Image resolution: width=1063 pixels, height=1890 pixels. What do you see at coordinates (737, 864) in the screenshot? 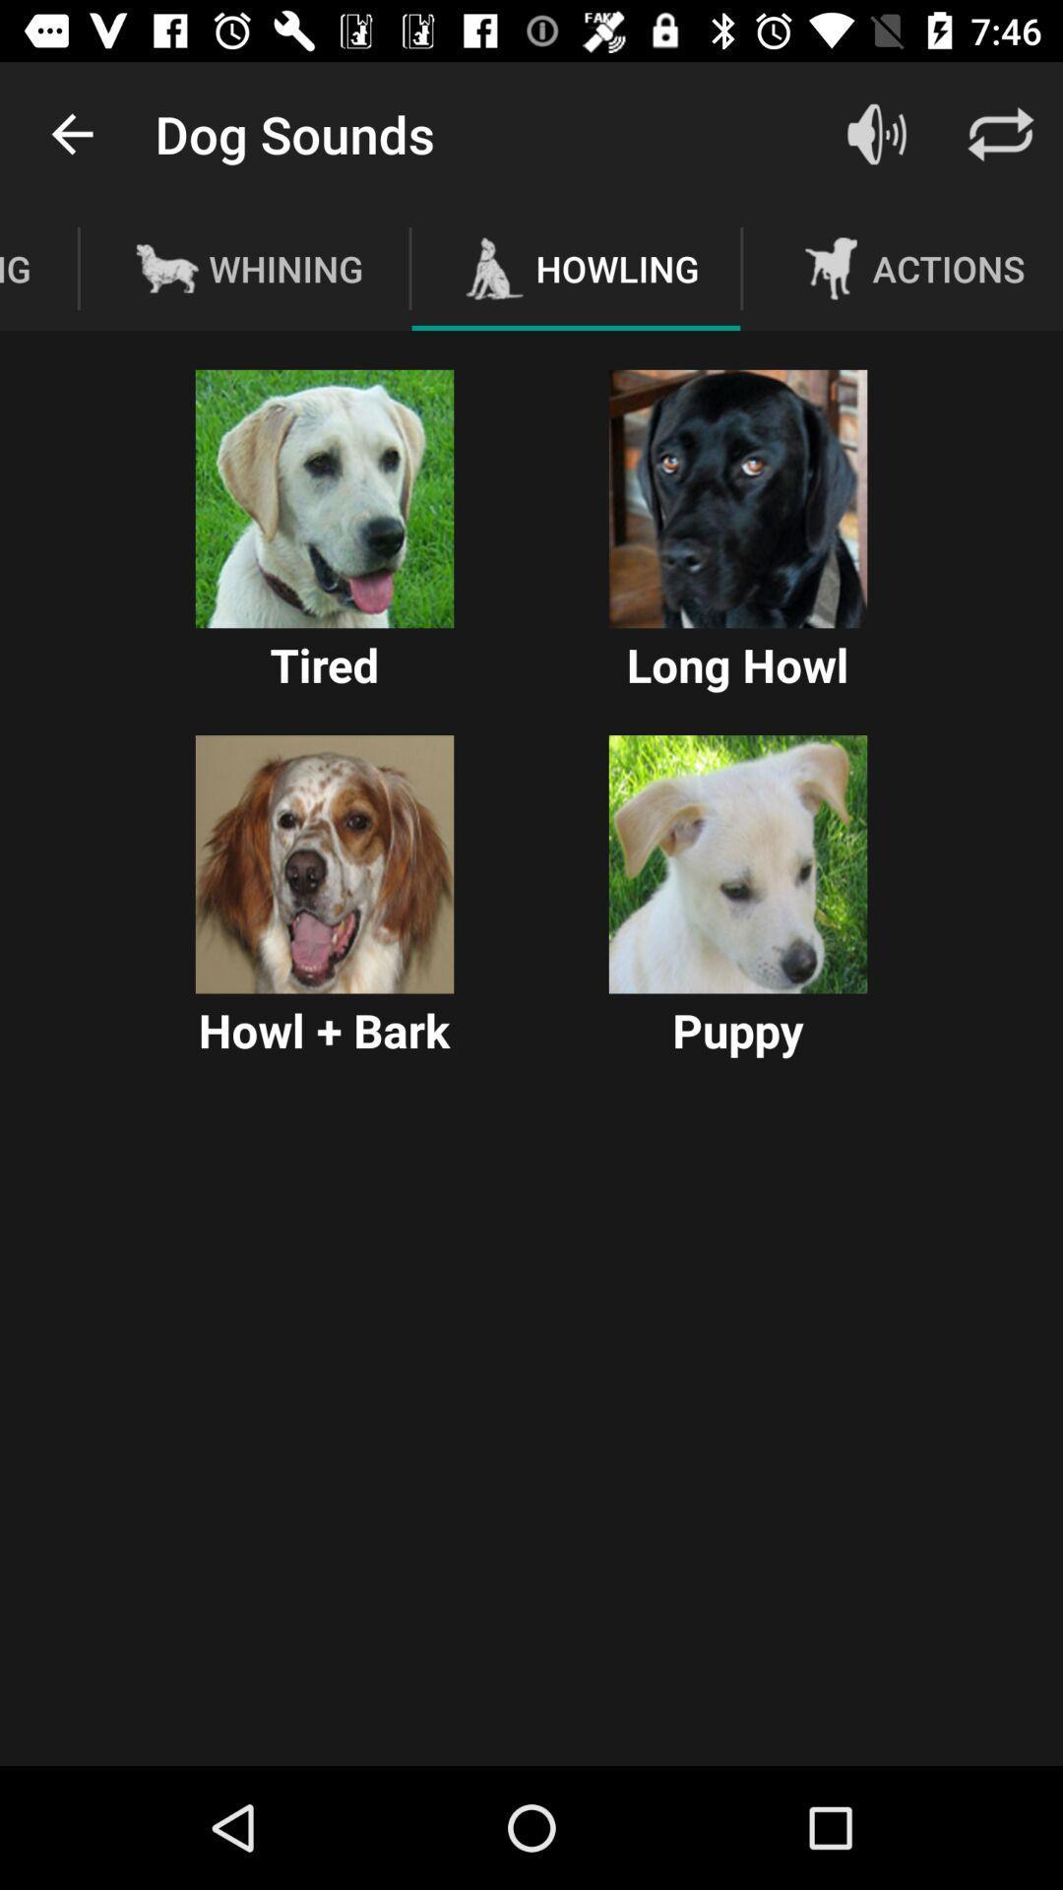
I see `choose puppy howling audio` at bounding box center [737, 864].